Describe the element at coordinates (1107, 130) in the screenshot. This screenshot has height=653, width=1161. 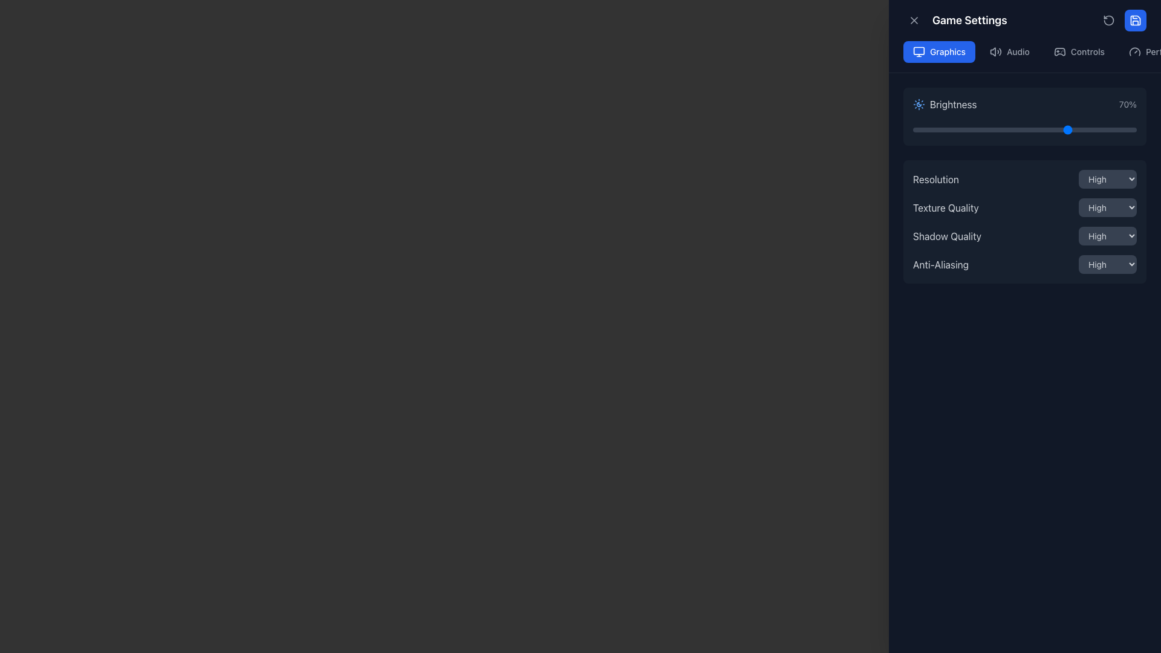
I see `the brightness level` at that location.